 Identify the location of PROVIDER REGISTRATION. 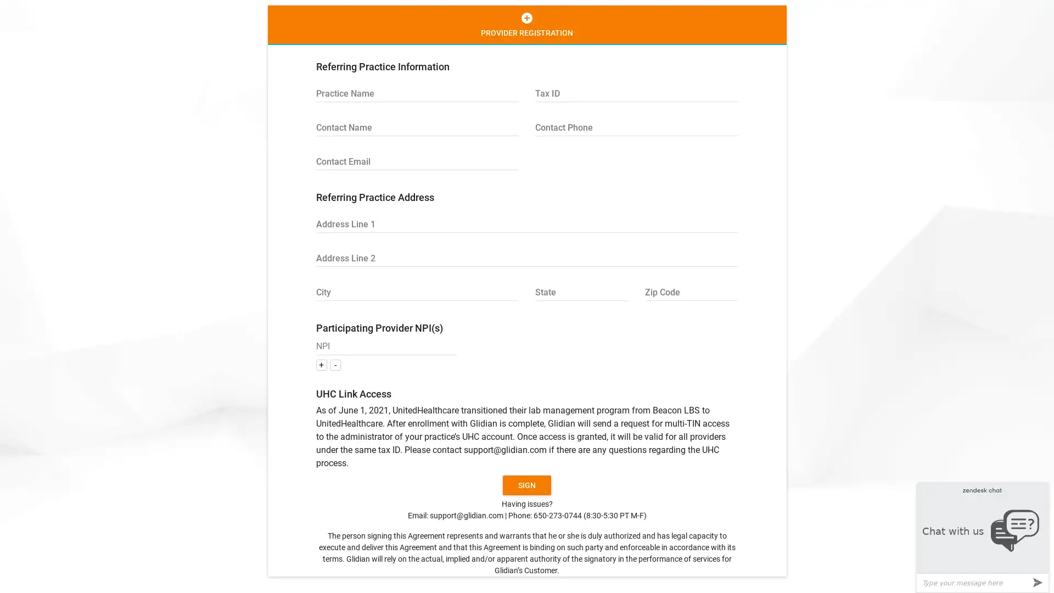
(526, 25).